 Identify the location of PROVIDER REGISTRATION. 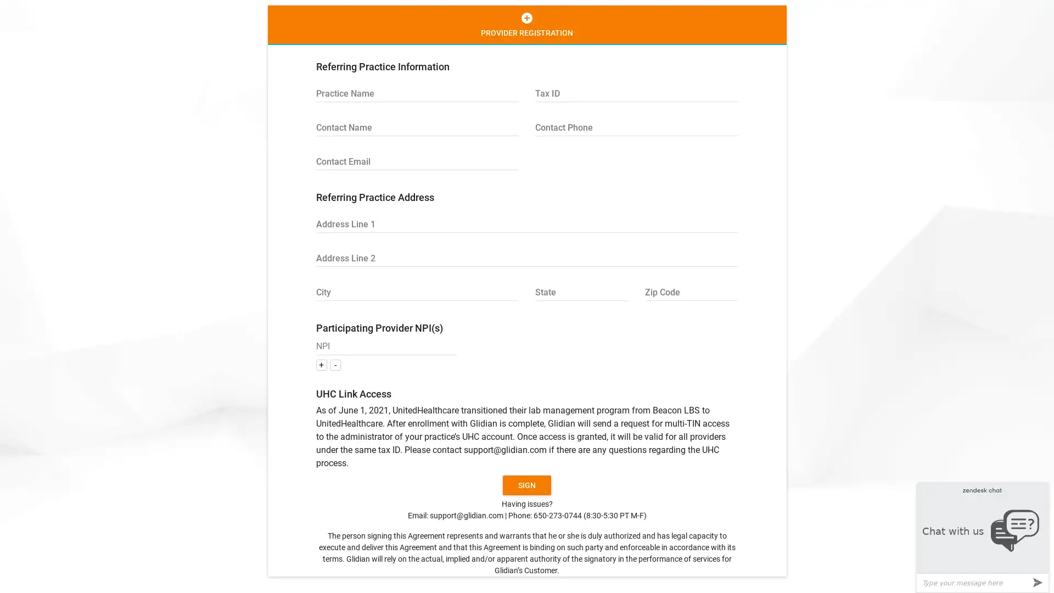
(526, 25).